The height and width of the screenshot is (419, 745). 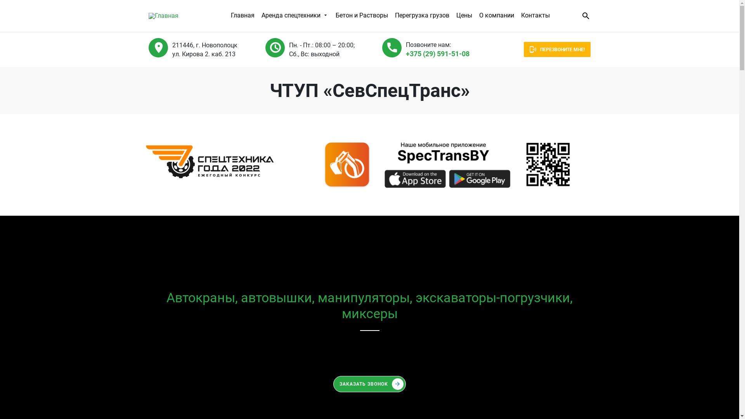 I want to click on '+375 (29) 591-51-08', so click(x=405, y=53).